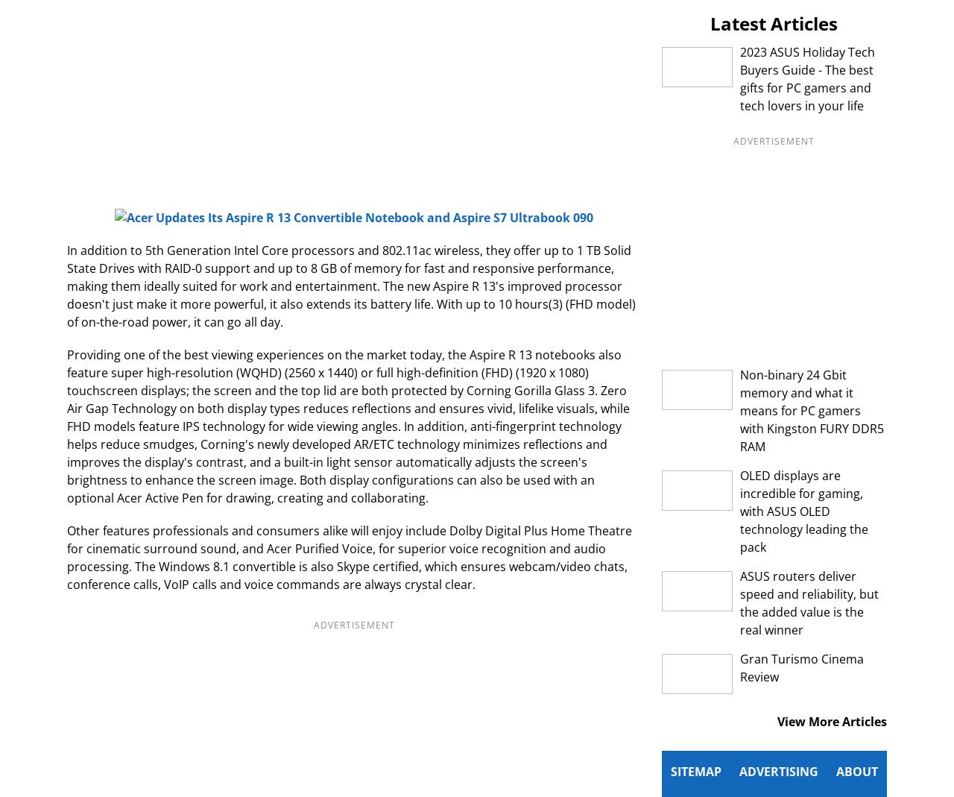 The height and width of the screenshot is (797, 954). I want to click on 'View More Articles', so click(831, 721).